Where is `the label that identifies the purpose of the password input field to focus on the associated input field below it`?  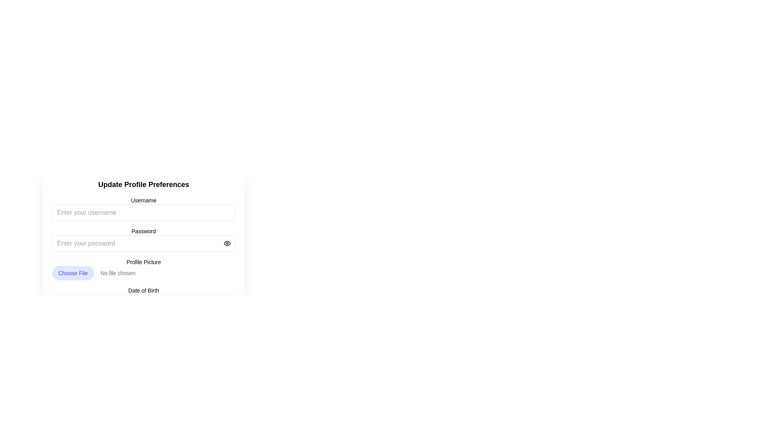 the label that identifies the purpose of the password input field to focus on the associated input field below it is located at coordinates (143, 231).